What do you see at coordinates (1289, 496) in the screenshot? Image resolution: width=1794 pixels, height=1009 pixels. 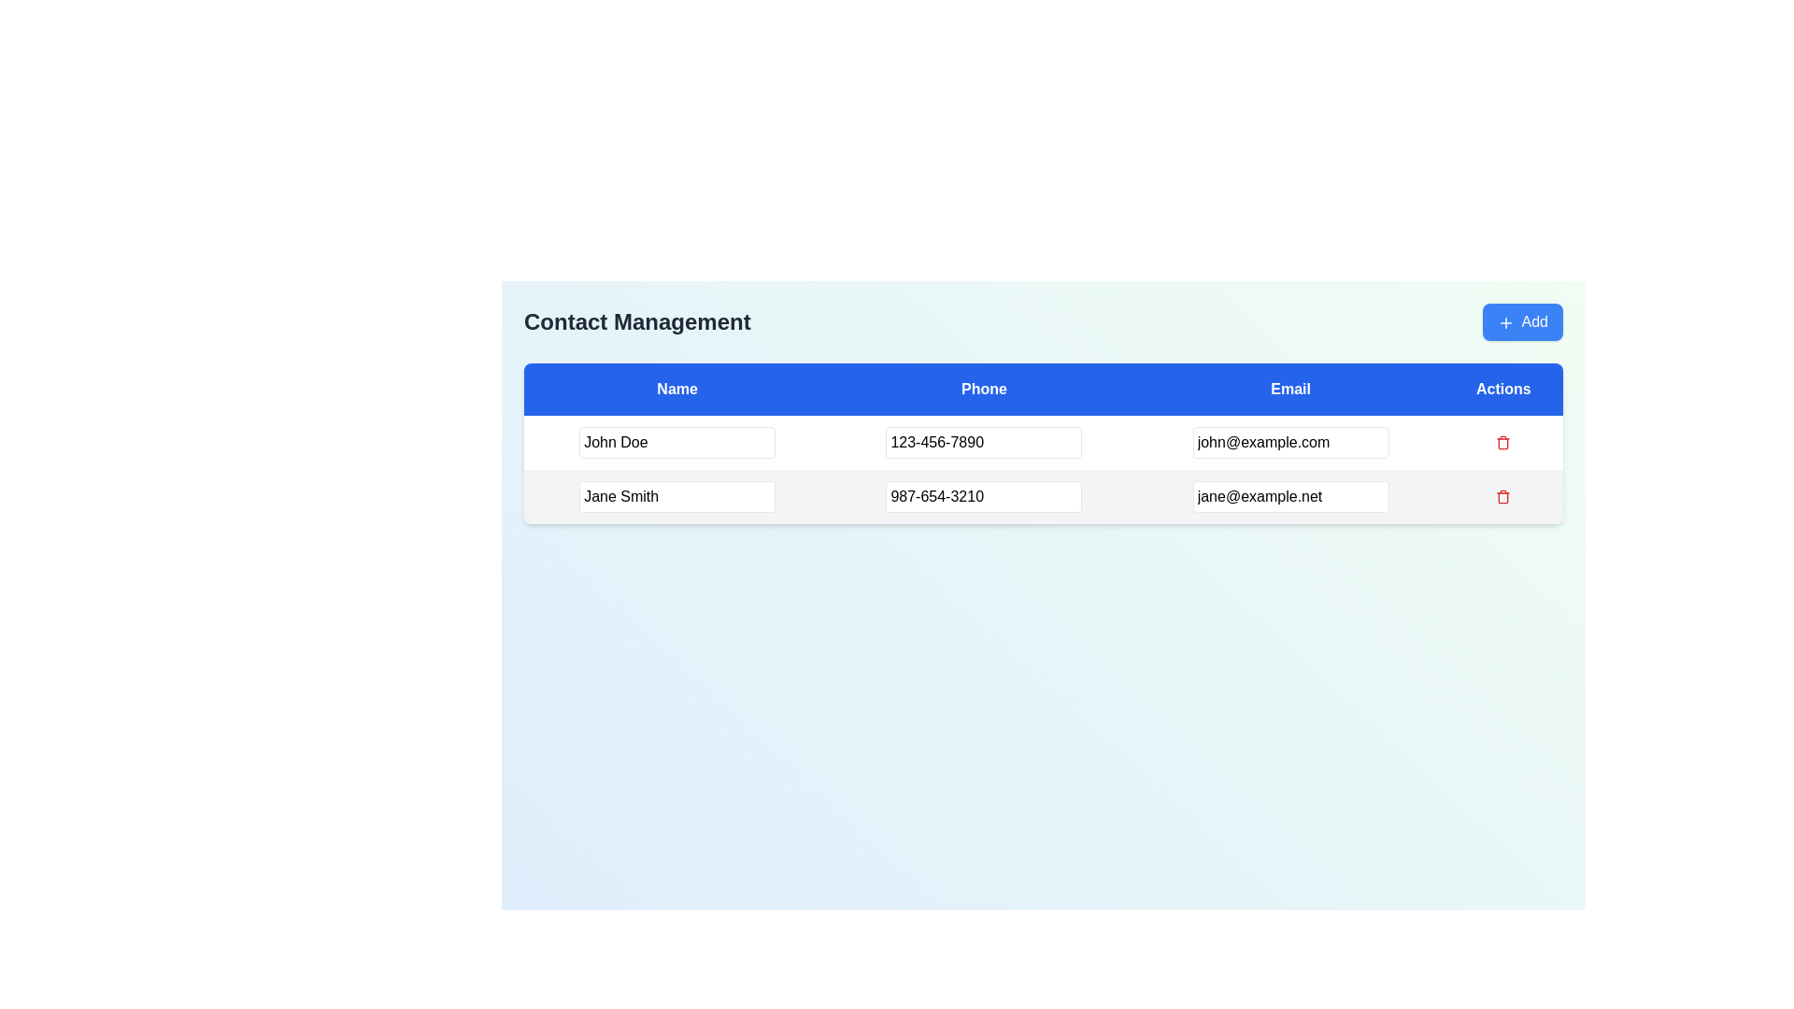 I see `the text input field used for editing the email address` at bounding box center [1289, 496].